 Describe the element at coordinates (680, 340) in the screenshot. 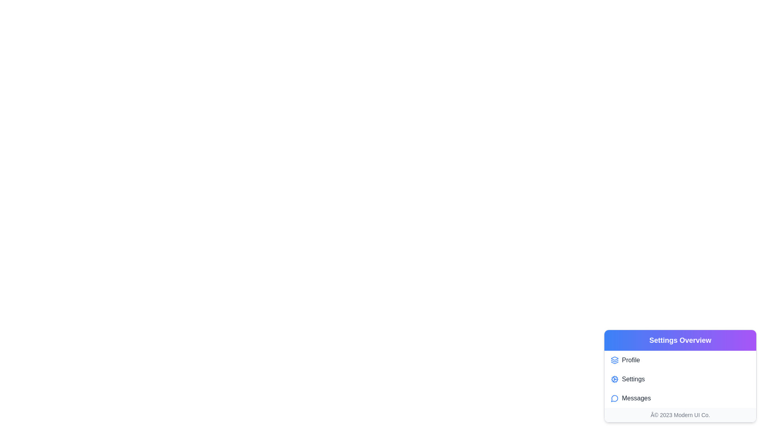

I see `the static header titled 'Settings Overview' located near the top of the menu panel, which has a gradient background of blue to purple` at that location.